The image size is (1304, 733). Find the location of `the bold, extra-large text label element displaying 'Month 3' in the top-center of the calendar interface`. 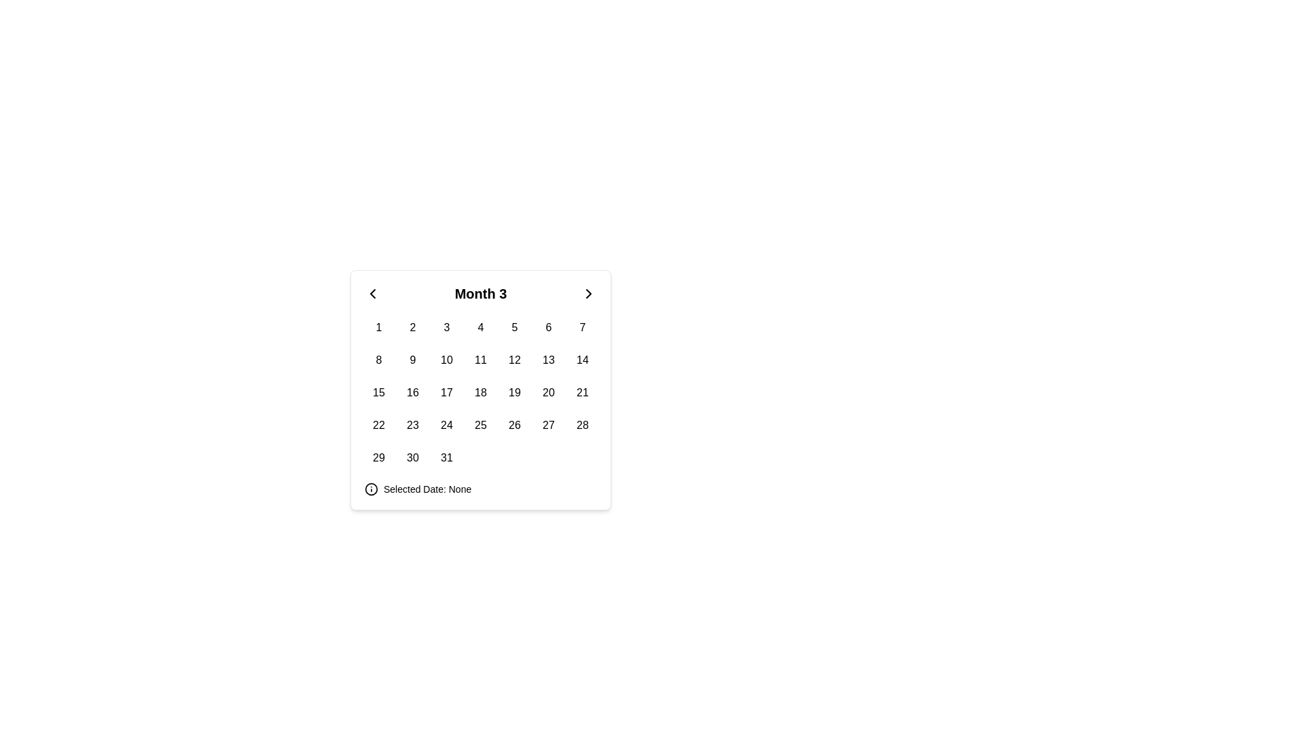

the bold, extra-large text label element displaying 'Month 3' in the top-center of the calendar interface is located at coordinates (481, 293).